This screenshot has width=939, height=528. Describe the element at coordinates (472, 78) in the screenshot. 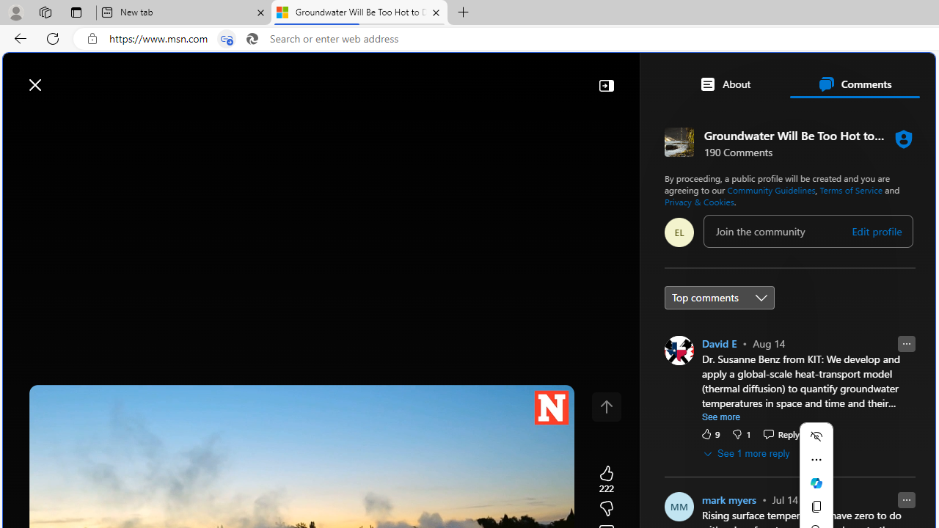

I see `'Enter your search term'` at that location.